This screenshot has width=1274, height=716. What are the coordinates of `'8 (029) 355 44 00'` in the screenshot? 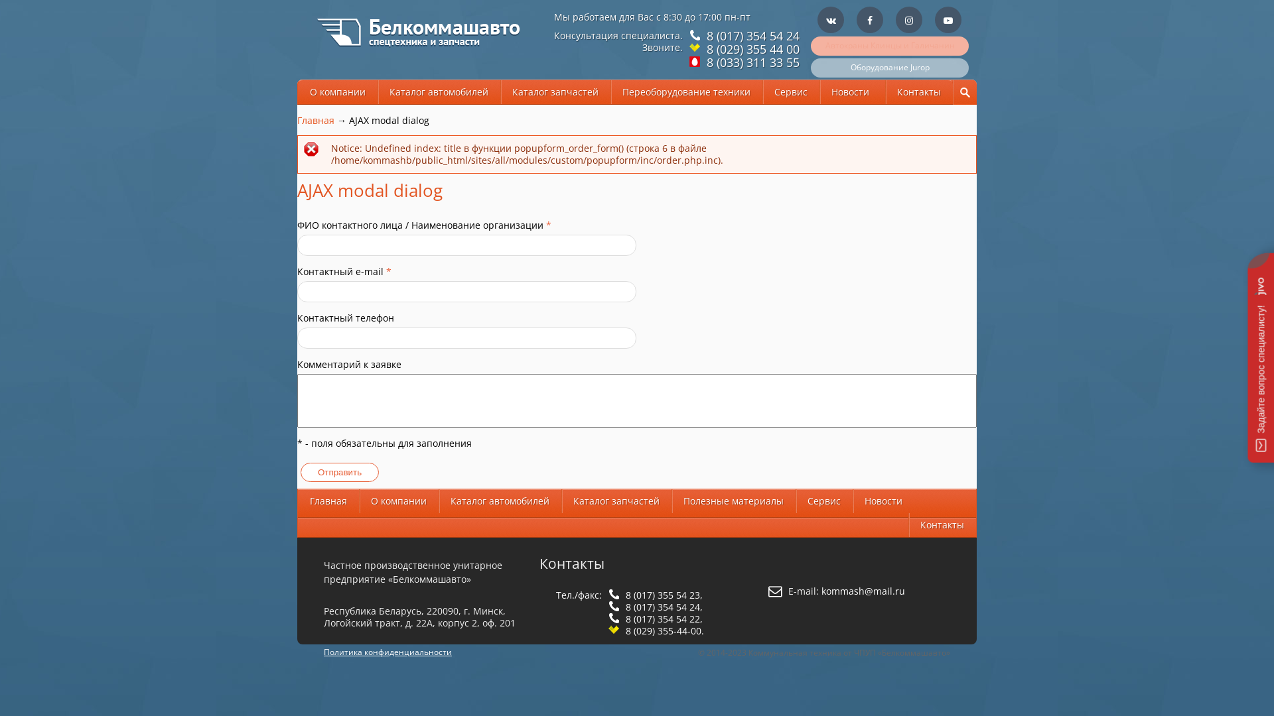 It's located at (751, 48).